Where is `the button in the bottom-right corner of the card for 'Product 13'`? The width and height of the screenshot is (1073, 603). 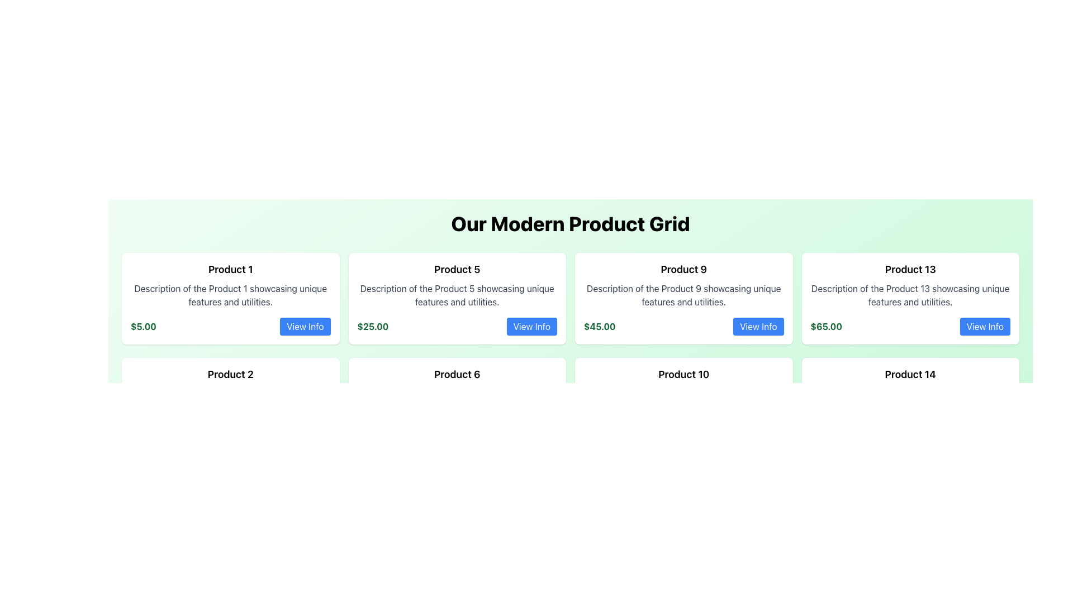
the button in the bottom-right corner of the card for 'Product 13' is located at coordinates (985, 327).